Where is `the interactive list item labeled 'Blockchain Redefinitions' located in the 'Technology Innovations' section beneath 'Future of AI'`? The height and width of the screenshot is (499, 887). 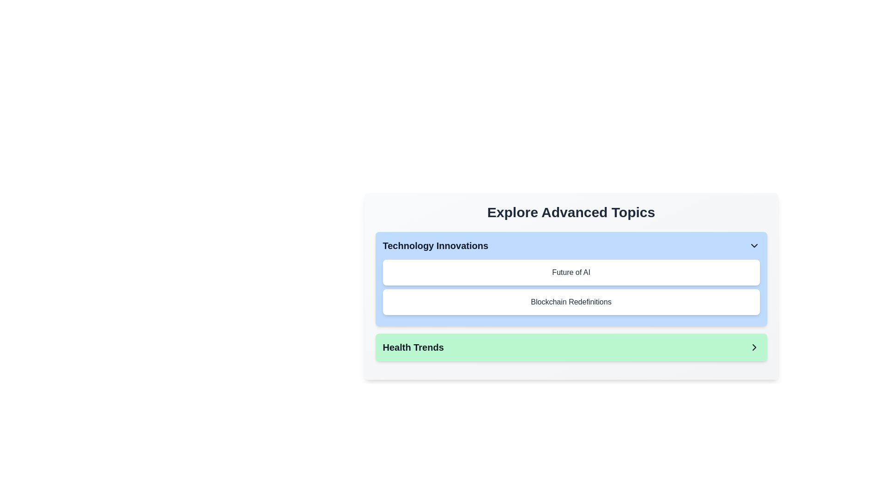
the interactive list item labeled 'Blockchain Redefinitions' located in the 'Technology Innovations' section beneath 'Future of AI' is located at coordinates (571, 302).